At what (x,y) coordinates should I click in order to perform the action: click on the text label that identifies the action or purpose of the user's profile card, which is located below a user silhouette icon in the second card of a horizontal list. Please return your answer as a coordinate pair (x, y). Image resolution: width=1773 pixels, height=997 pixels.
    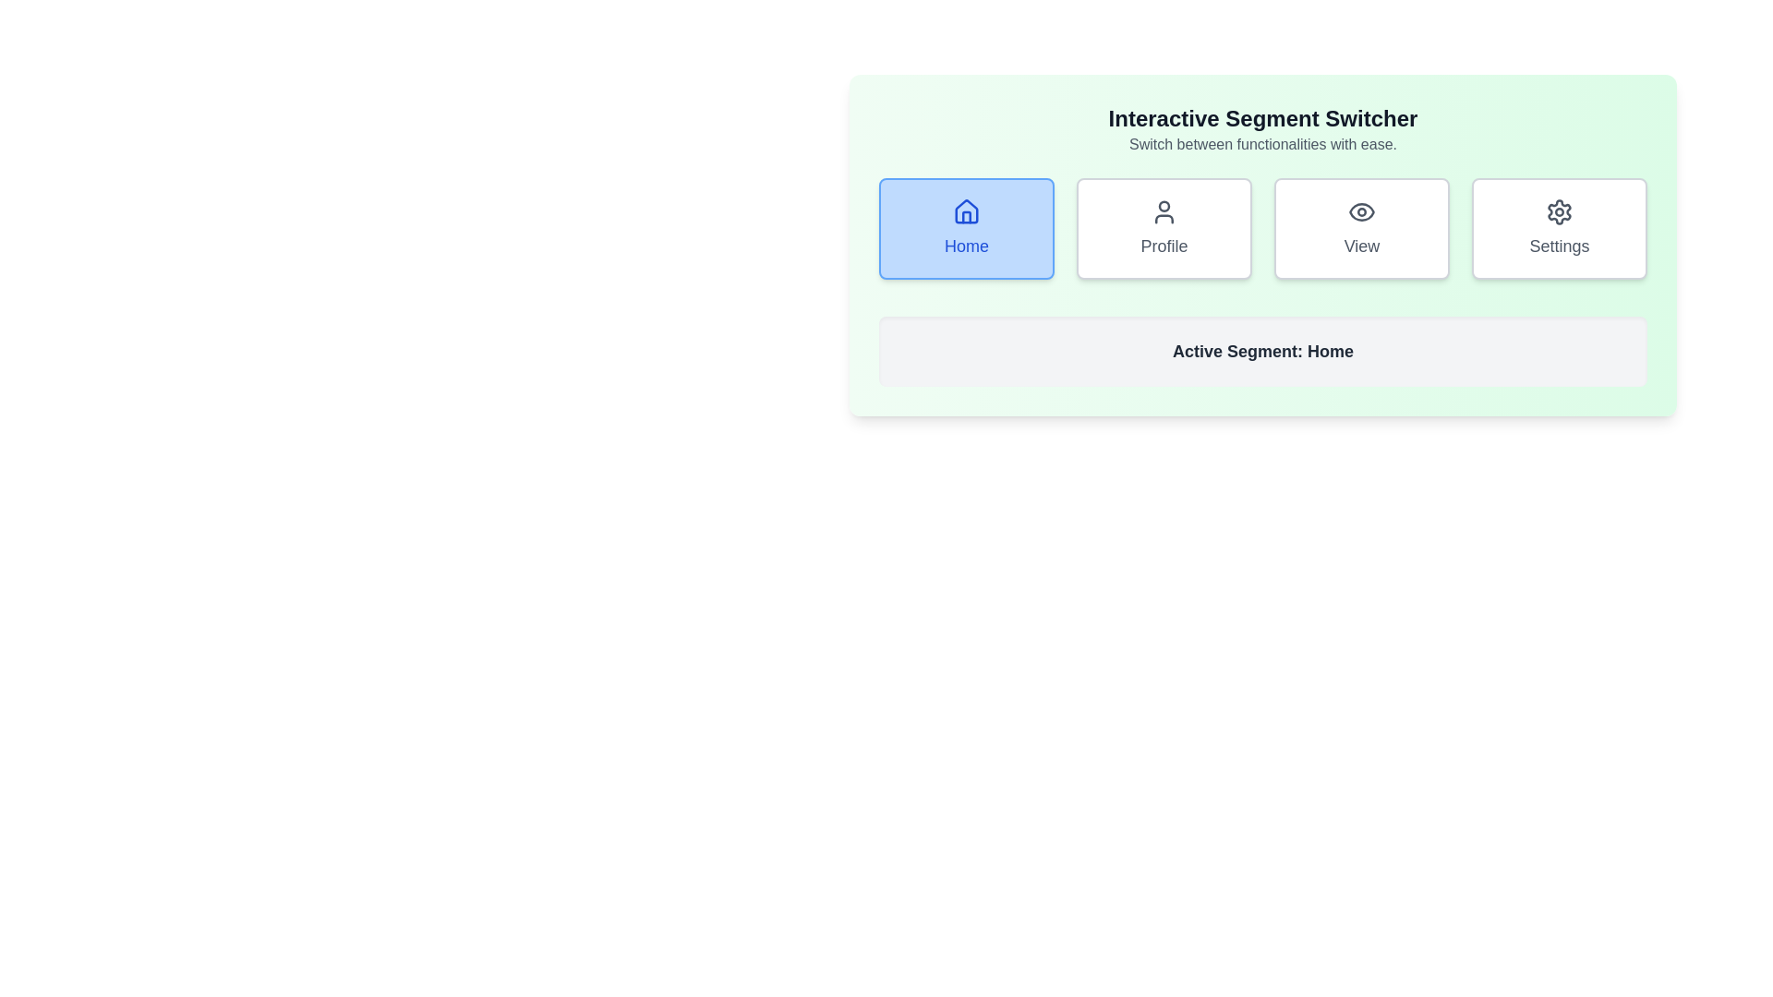
    Looking at the image, I should click on (1164, 245).